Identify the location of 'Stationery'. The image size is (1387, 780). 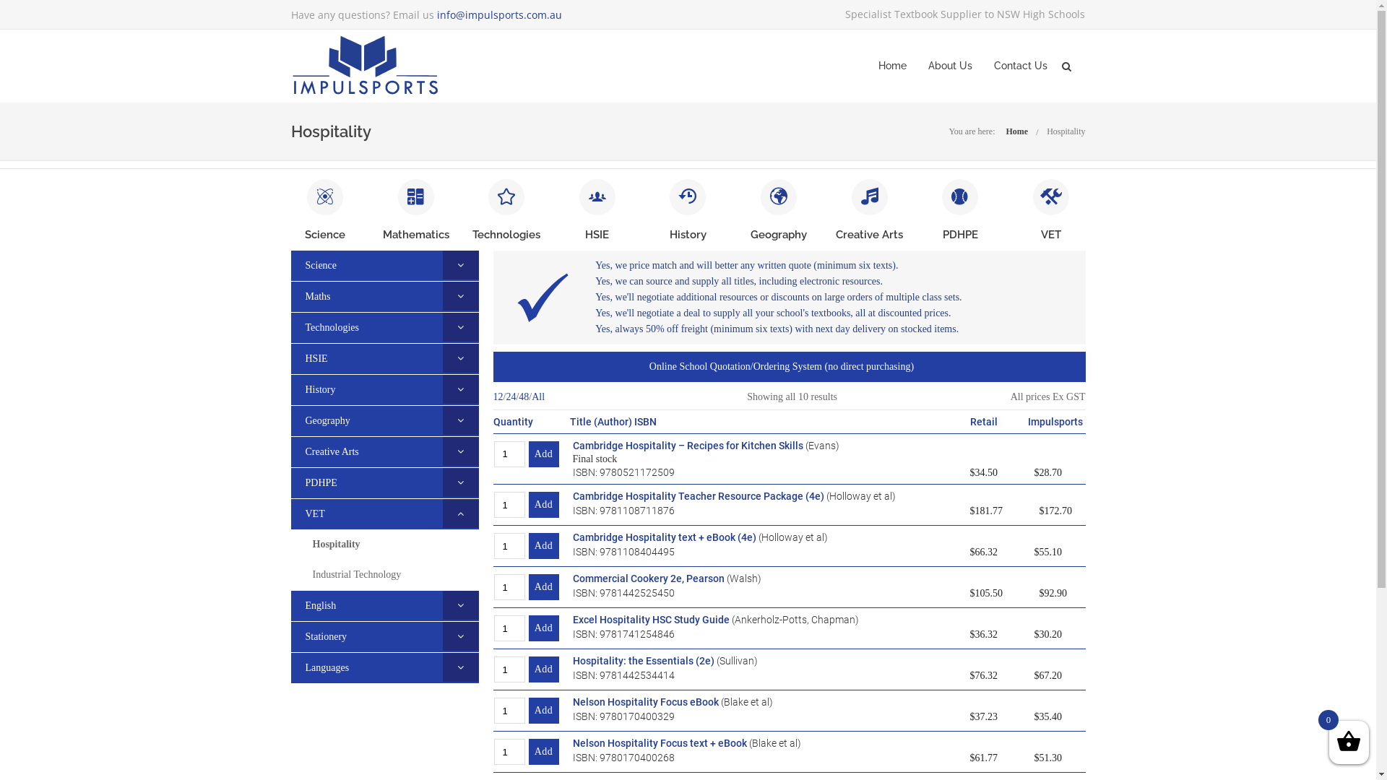
(290, 636).